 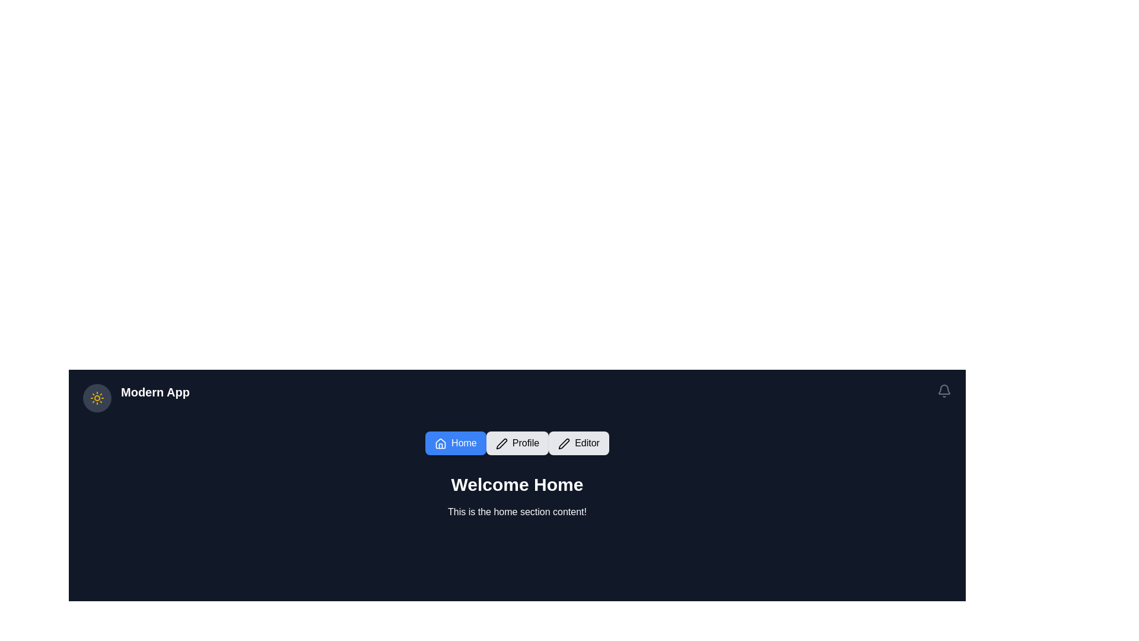 I want to click on the bold, large-sized header text that reads 'Welcome Home', which is prominently displayed in white on a dark background and centered in the middle-bottom portion of the visible area, so click(x=517, y=485).